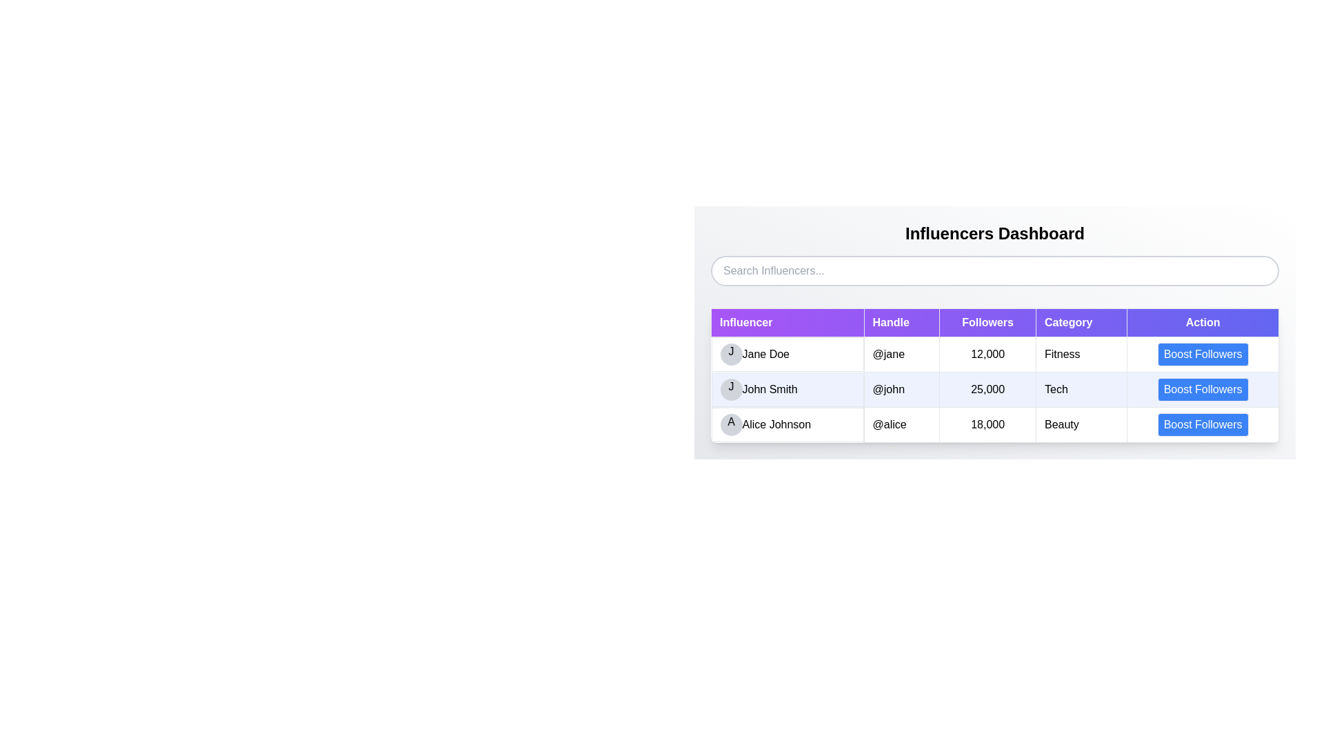  What do you see at coordinates (1201, 424) in the screenshot?
I see `the blue rounded button labeled 'Boost Followers' located in the last row of the 'Influencers Dashboard' table for Alice Johnson to initiate the action` at bounding box center [1201, 424].